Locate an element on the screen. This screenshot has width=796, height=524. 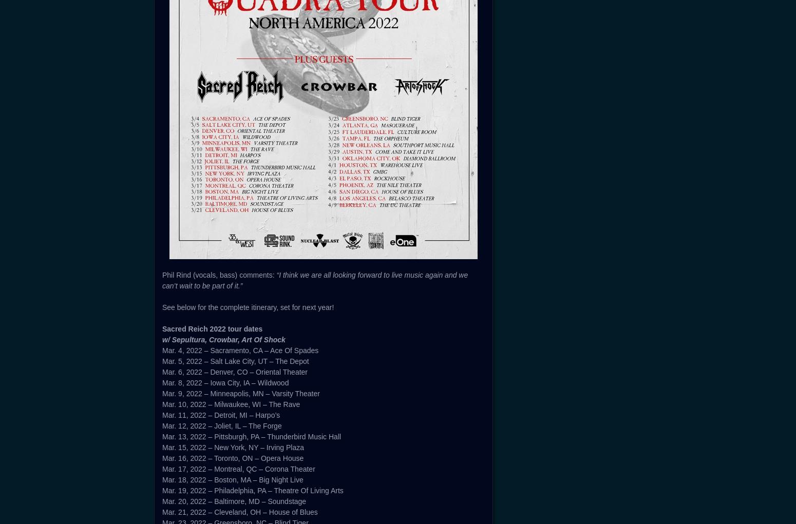
'Mar. 17, 2022 – Montreal, QC – Corona Theater' is located at coordinates (162, 469).